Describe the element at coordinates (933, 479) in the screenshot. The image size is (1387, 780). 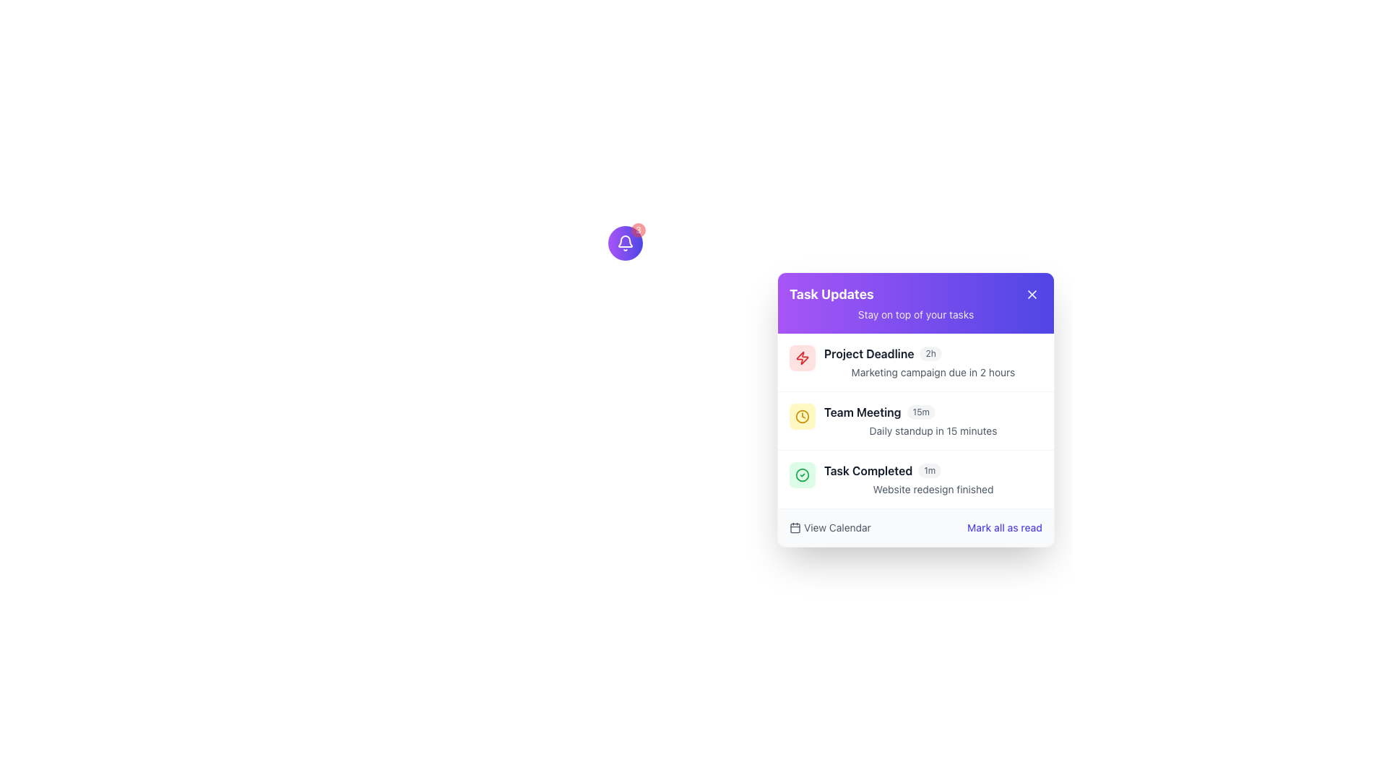
I see `the third notification in the 'Task Updates' section, which provides a notification about a completed task with a brief description and the elapsed time since completion` at that location.